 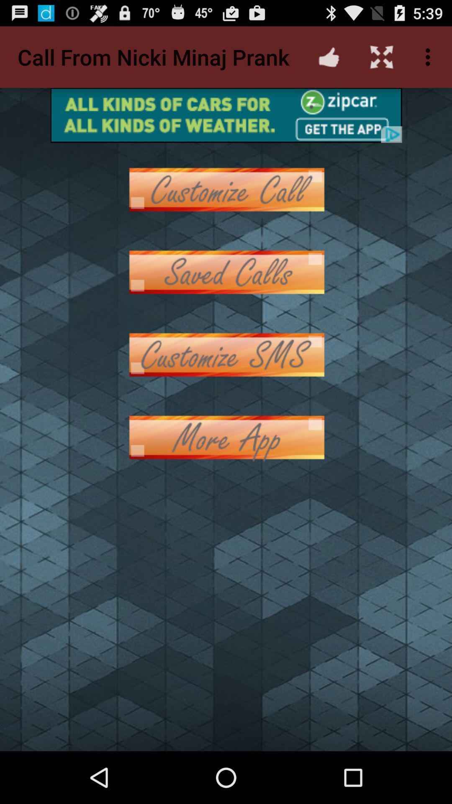 I want to click on call to a certain people, so click(x=226, y=189).